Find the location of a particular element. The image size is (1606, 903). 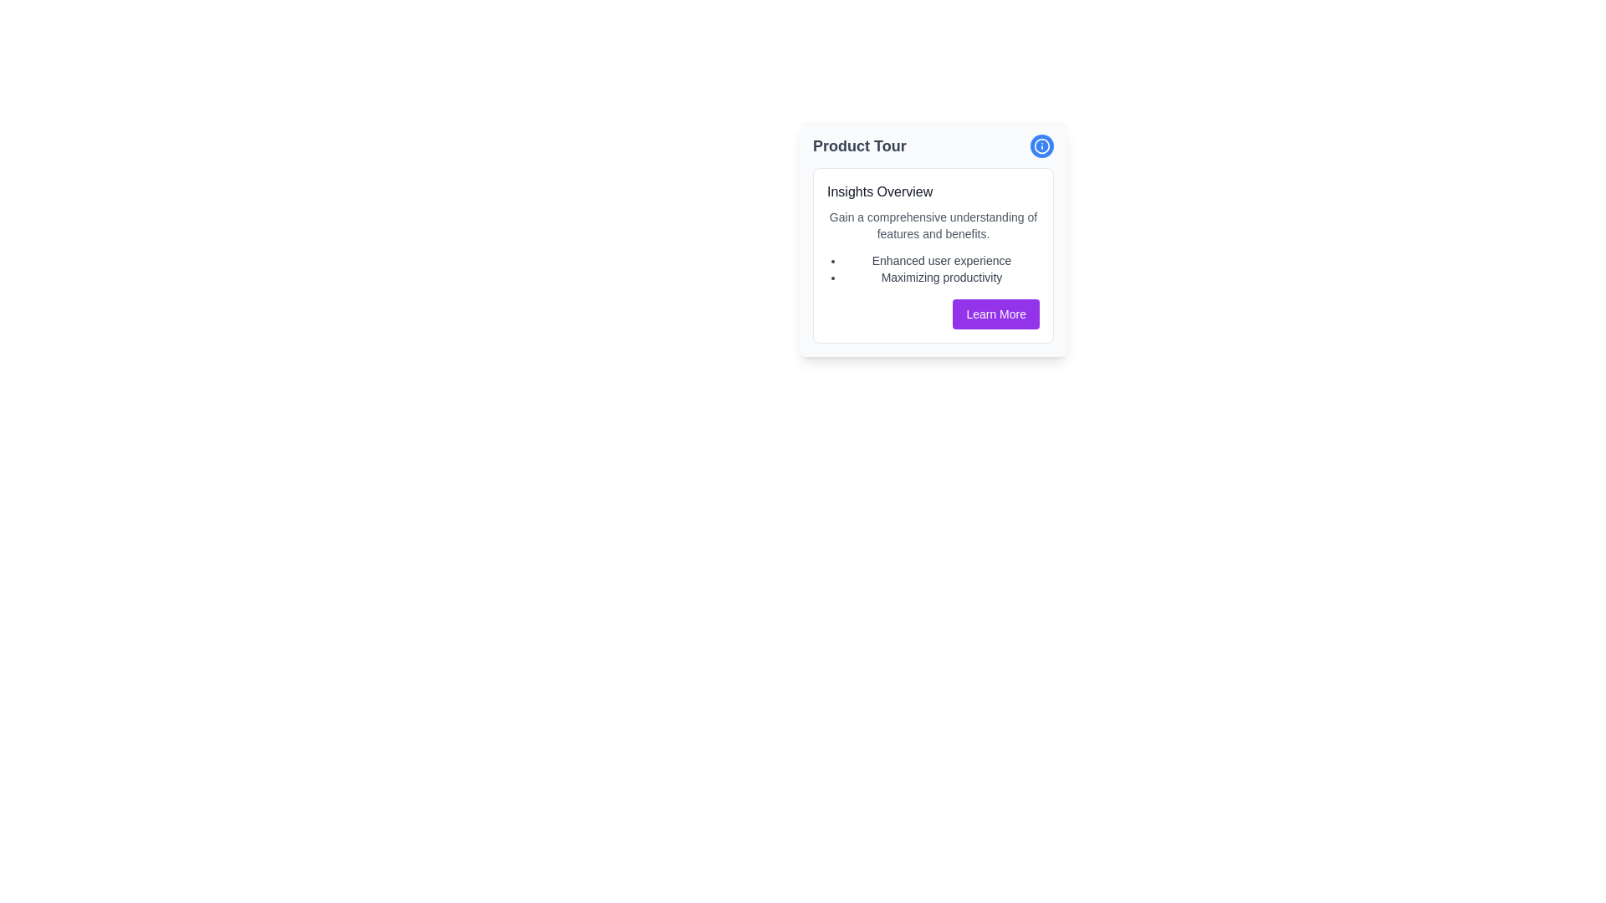

text label displaying 'Maximizing productivity' located below the item 'Enhanced user experience' in the 'Insights Overview' box is located at coordinates (942, 276).